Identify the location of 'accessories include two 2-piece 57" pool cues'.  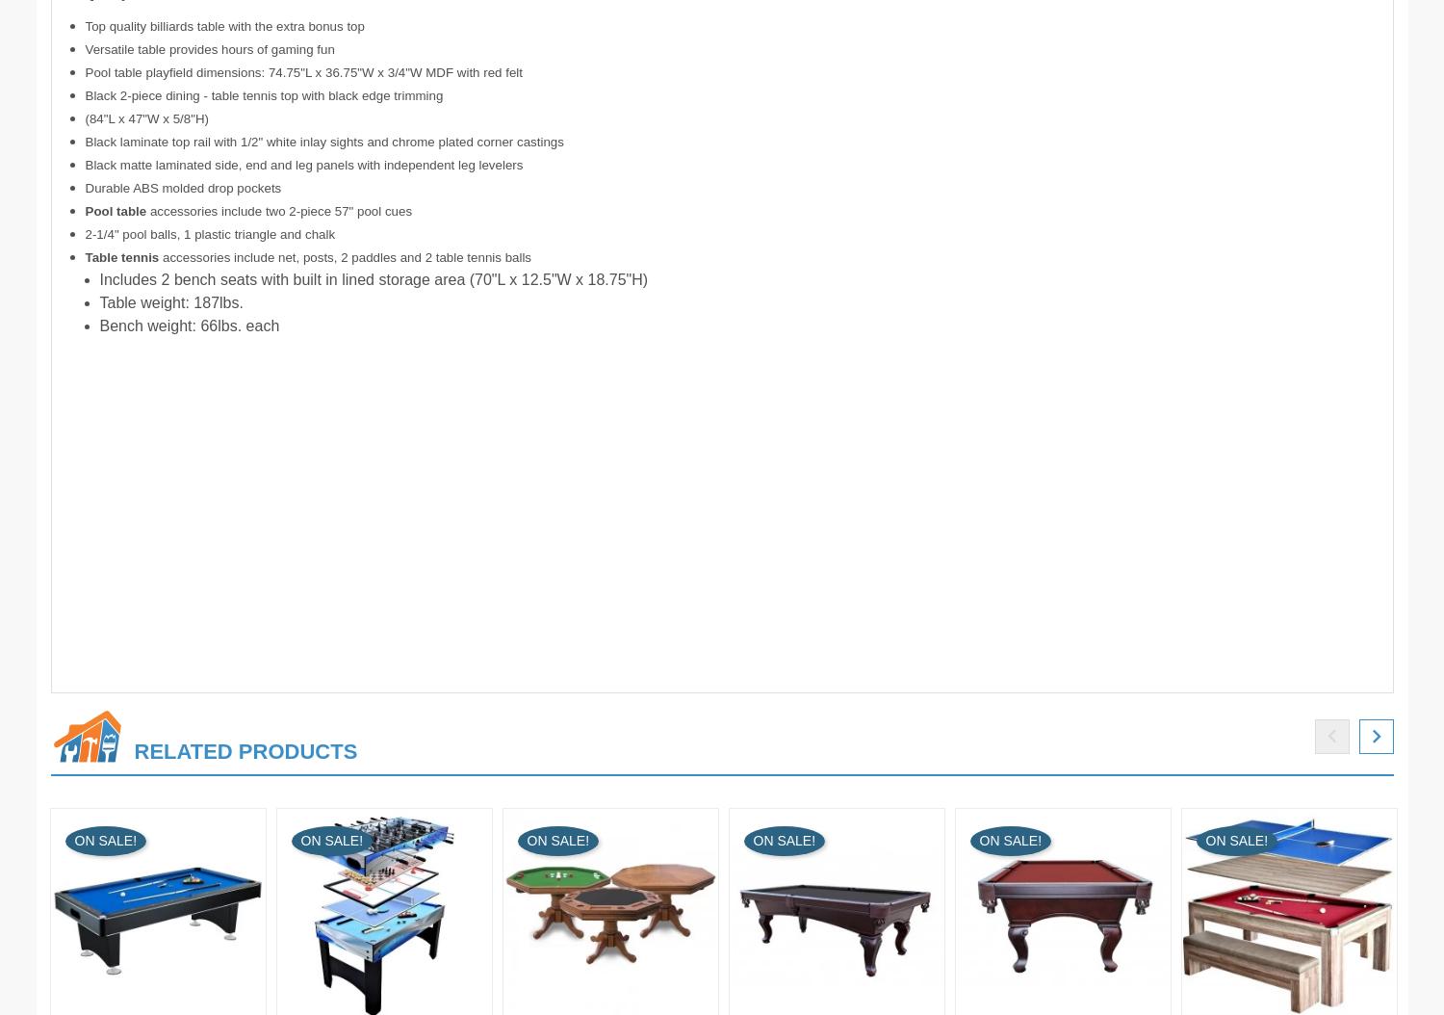
(278, 211).